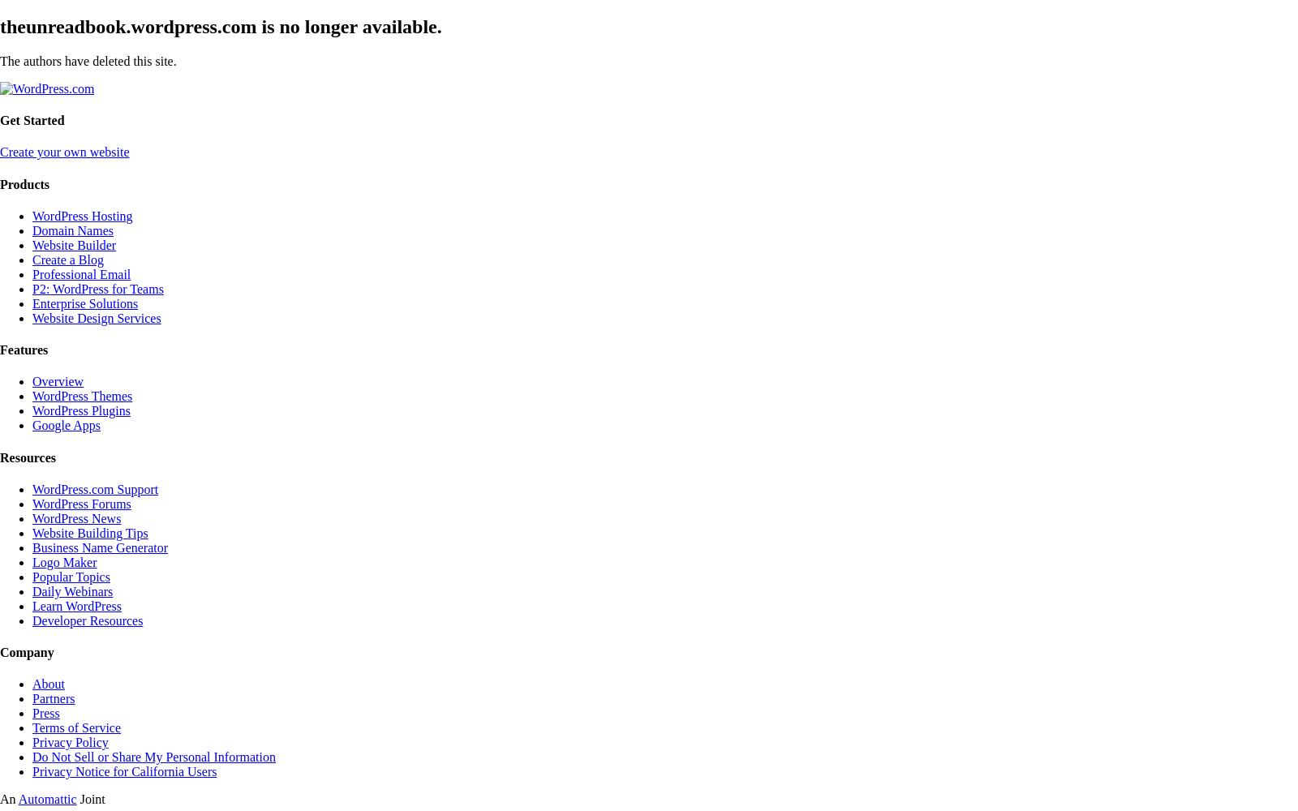  I want to click on 'WordPress Themes', so click(81, 395).